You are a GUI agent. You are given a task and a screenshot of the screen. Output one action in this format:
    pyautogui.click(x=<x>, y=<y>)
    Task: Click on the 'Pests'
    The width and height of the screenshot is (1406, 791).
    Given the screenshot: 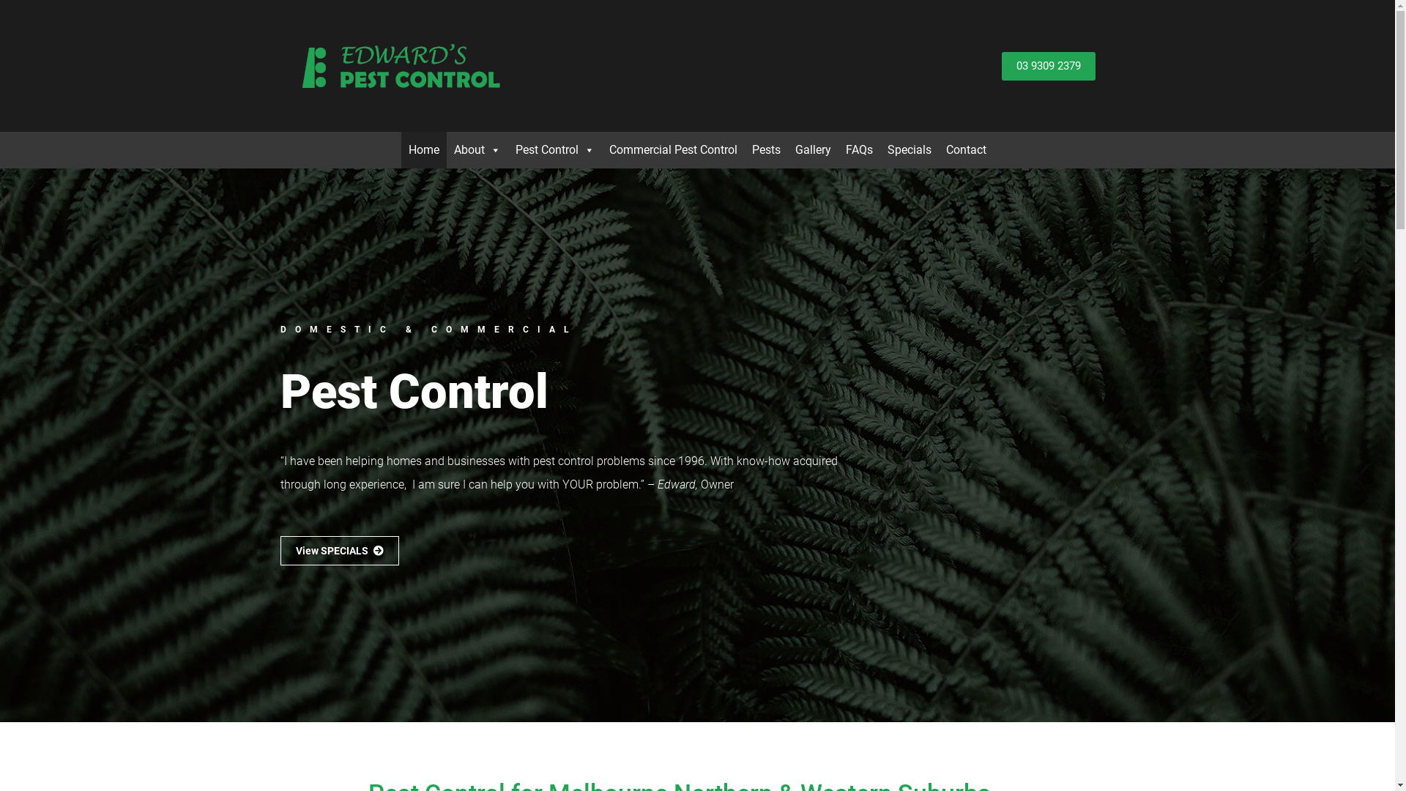 What is the action you would take?
    pyautogui.click(x=765, y=149)
    